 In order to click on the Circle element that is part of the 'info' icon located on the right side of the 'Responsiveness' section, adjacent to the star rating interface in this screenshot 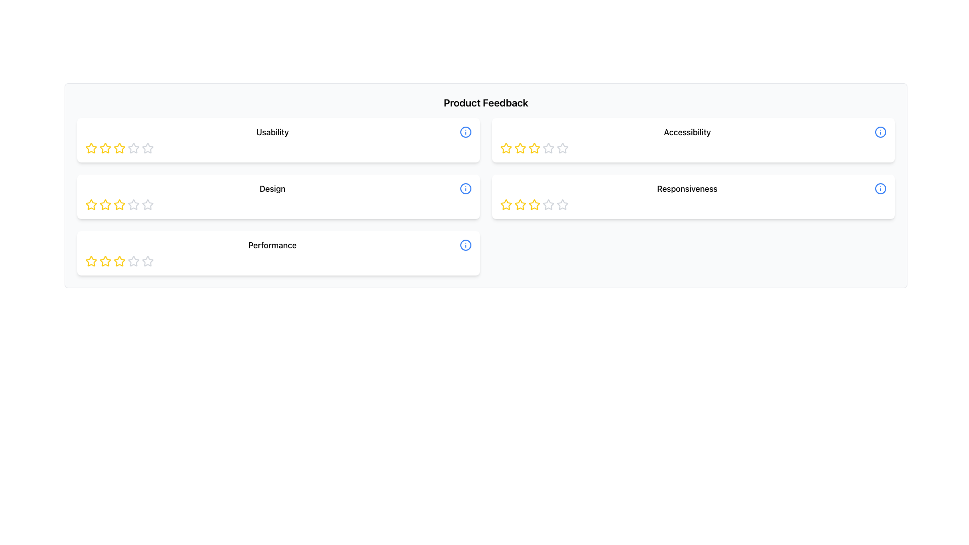, I will do `click(880, 189)`.